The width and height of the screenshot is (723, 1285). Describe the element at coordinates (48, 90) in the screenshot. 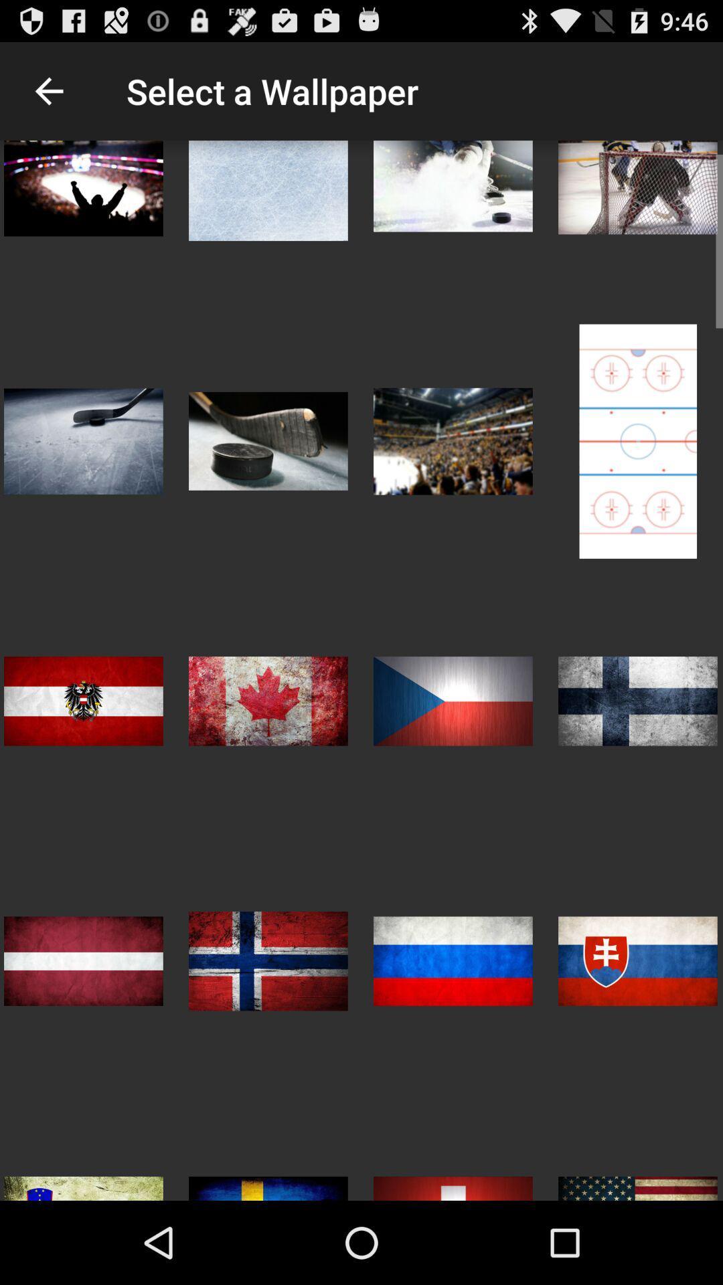

I see `icon to the left of select a wallpaper item` at that location.